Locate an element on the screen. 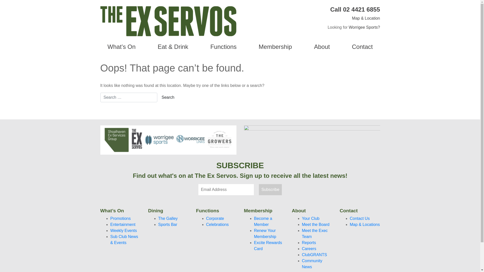 The width and height of the screenshot is (484, 272). 'Celebrations' is located at coordinates (206, 224).